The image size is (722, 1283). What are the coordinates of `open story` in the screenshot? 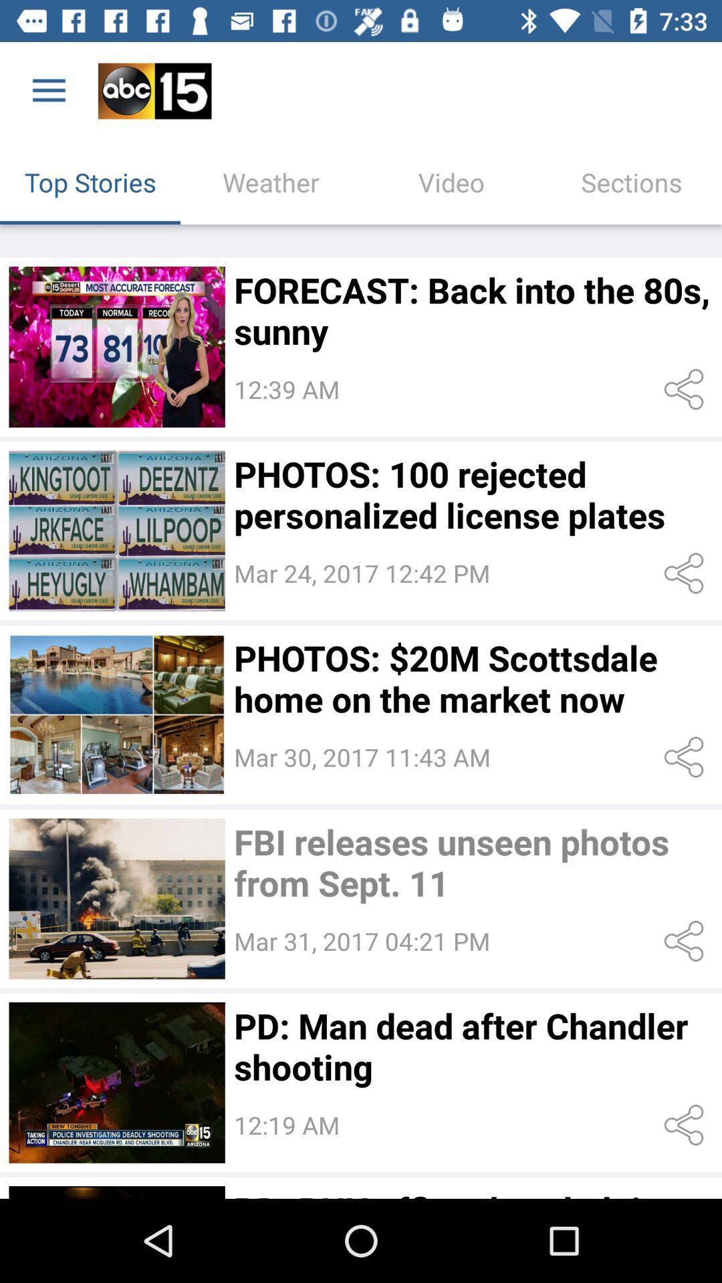 It's located at (116, 899).